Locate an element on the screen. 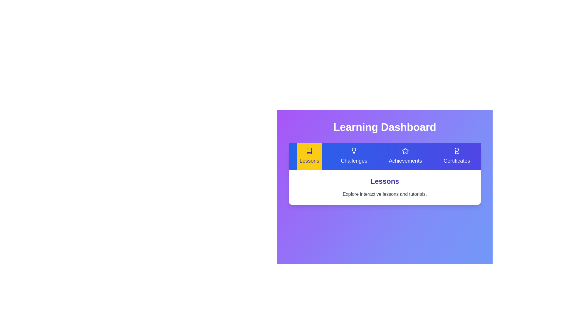 The width and height of the screenshot is (564, 317). the icon of the tab labeled Challenges is located at coordinates (354, 150).